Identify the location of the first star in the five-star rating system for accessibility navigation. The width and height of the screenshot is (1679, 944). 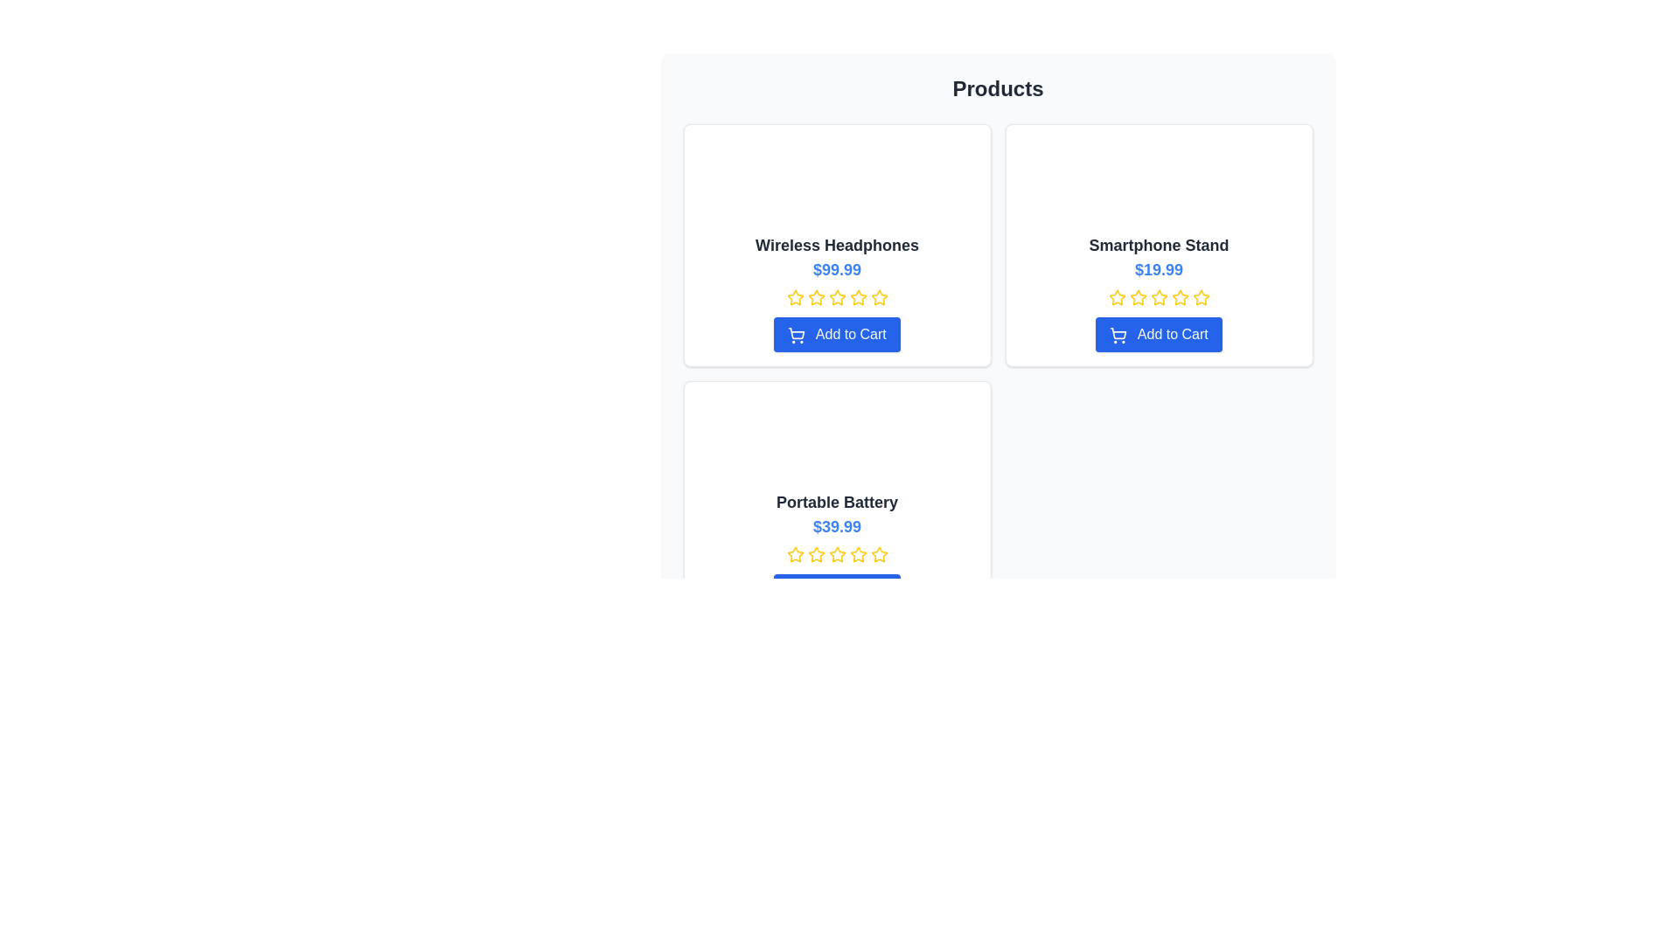
(794, 296).